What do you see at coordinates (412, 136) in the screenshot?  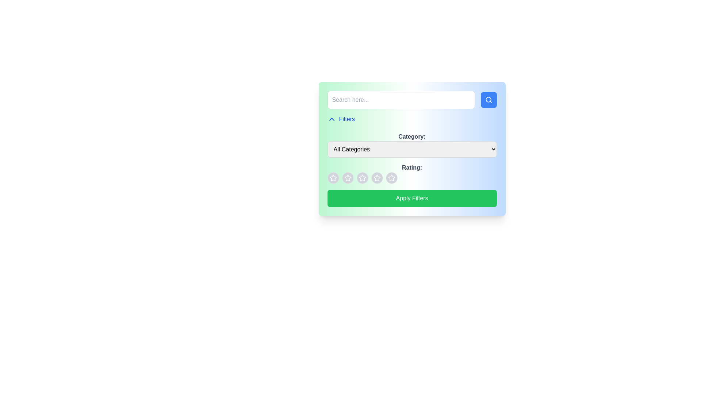 I see `the Text label indicating the dropdown menu for category selection, positioned above the 'All Categories' dropdown` at bounding box center [412, 136].